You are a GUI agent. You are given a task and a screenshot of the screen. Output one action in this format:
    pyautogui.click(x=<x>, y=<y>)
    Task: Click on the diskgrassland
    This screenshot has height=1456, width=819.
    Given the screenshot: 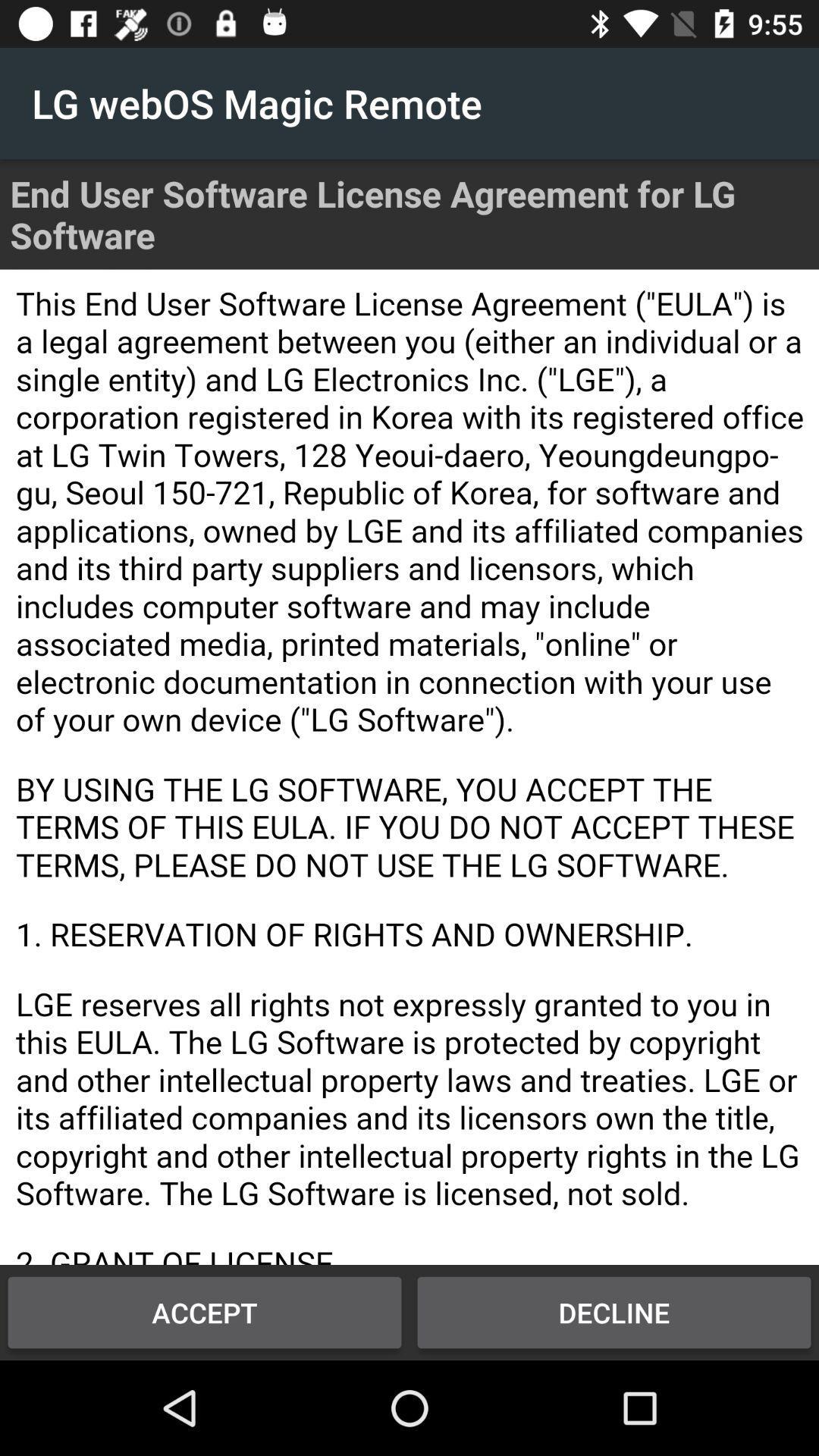 What is the action you would take?
    pyautogui.click(x=409, y=767)
    